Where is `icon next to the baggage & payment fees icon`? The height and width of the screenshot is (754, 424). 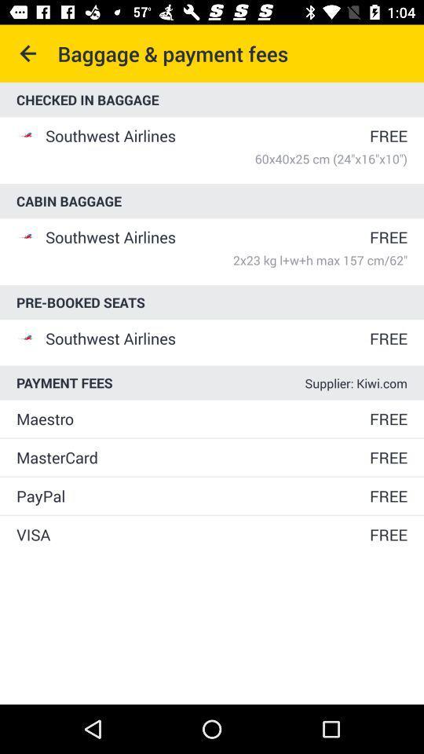
icon next to the baggage & payment fees icon is located at coordinates (28, 53).